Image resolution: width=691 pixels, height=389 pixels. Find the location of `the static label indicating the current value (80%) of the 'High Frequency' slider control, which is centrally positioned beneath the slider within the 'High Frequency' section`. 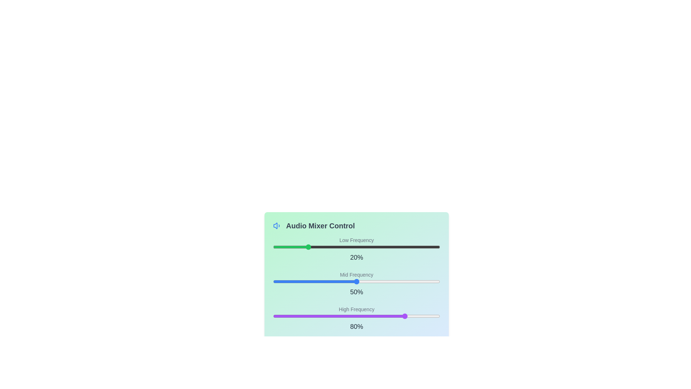

the static label indicating the current value (80%) of the 'High Frequency' slider control, which is centrally positioned beneath the slider within the 'High Frequency' section is located at coordinates (356, 326).